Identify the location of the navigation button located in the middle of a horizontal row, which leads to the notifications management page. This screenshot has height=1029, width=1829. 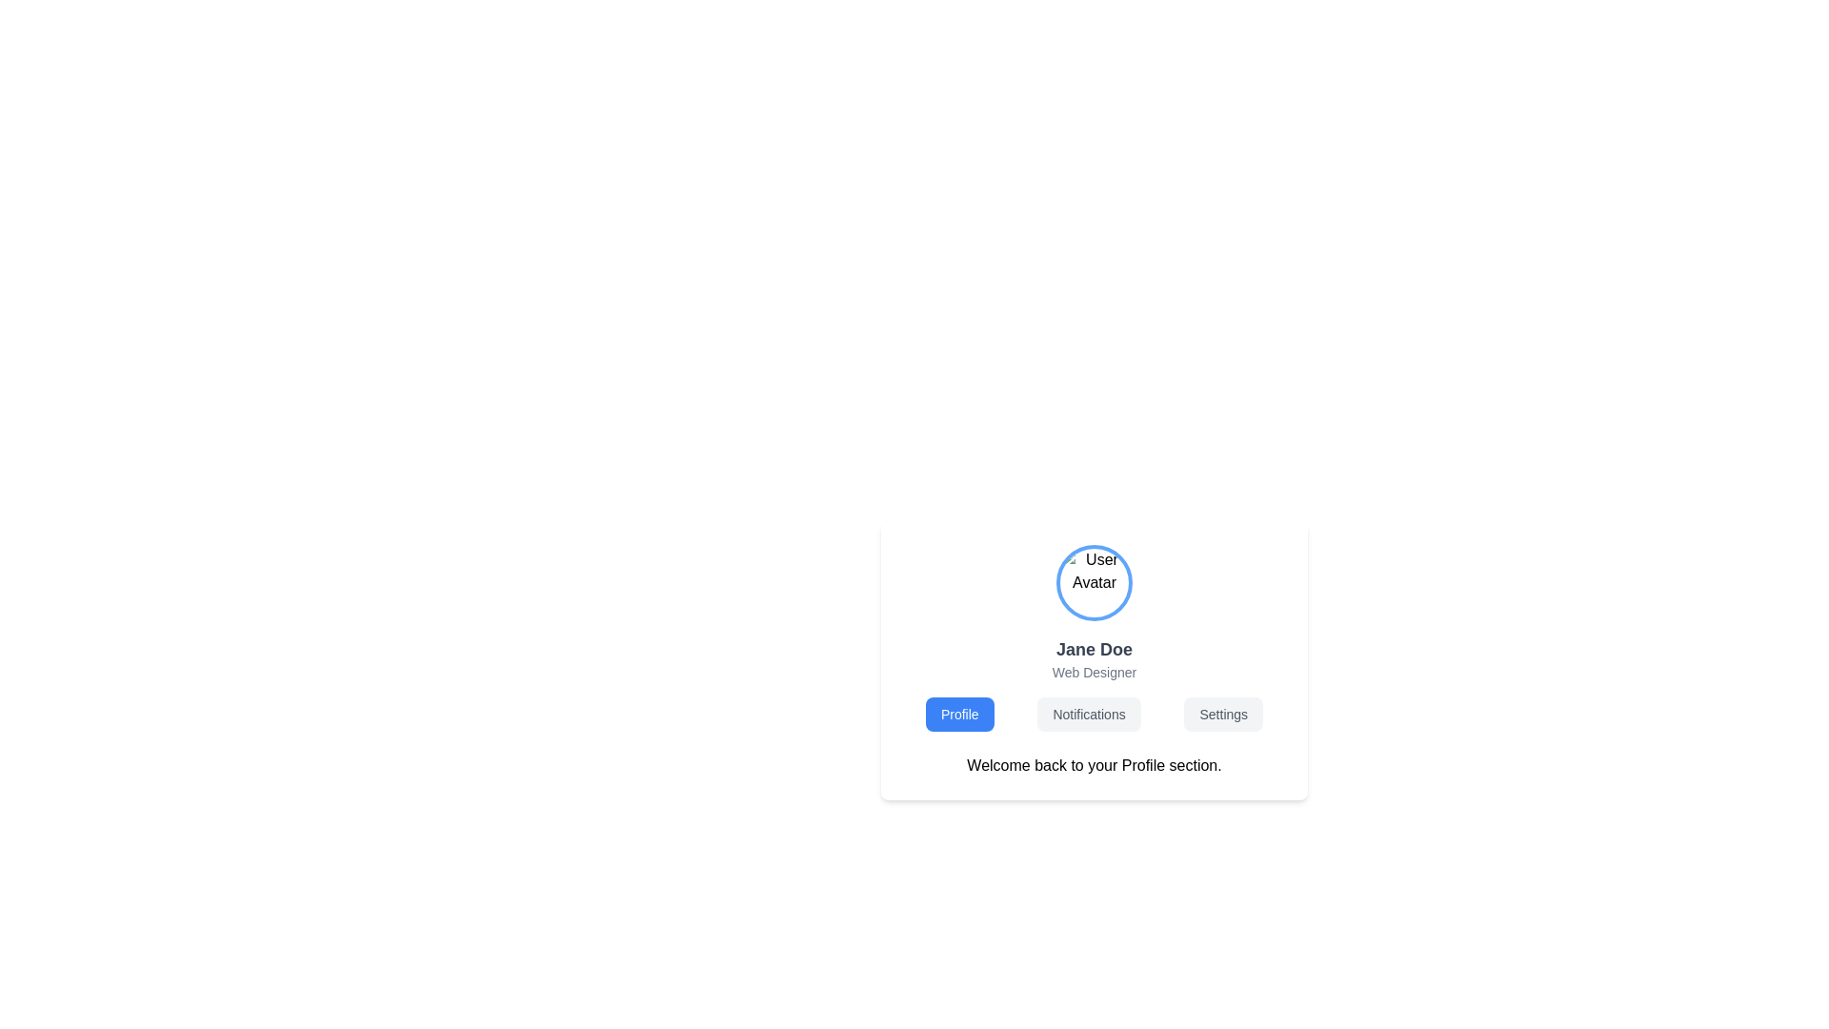
(1089, 714).